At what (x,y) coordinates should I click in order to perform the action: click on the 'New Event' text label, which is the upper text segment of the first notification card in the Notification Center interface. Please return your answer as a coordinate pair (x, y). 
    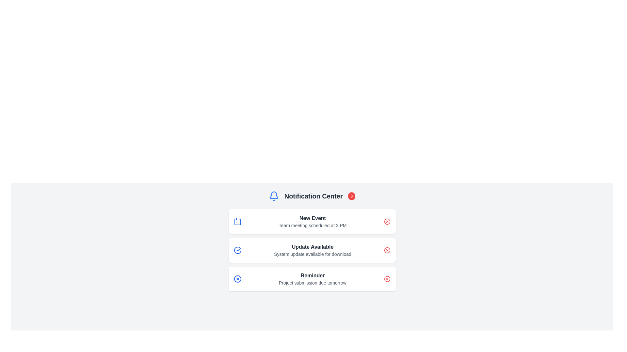
    Looking at the image, I should click on (312, 218).